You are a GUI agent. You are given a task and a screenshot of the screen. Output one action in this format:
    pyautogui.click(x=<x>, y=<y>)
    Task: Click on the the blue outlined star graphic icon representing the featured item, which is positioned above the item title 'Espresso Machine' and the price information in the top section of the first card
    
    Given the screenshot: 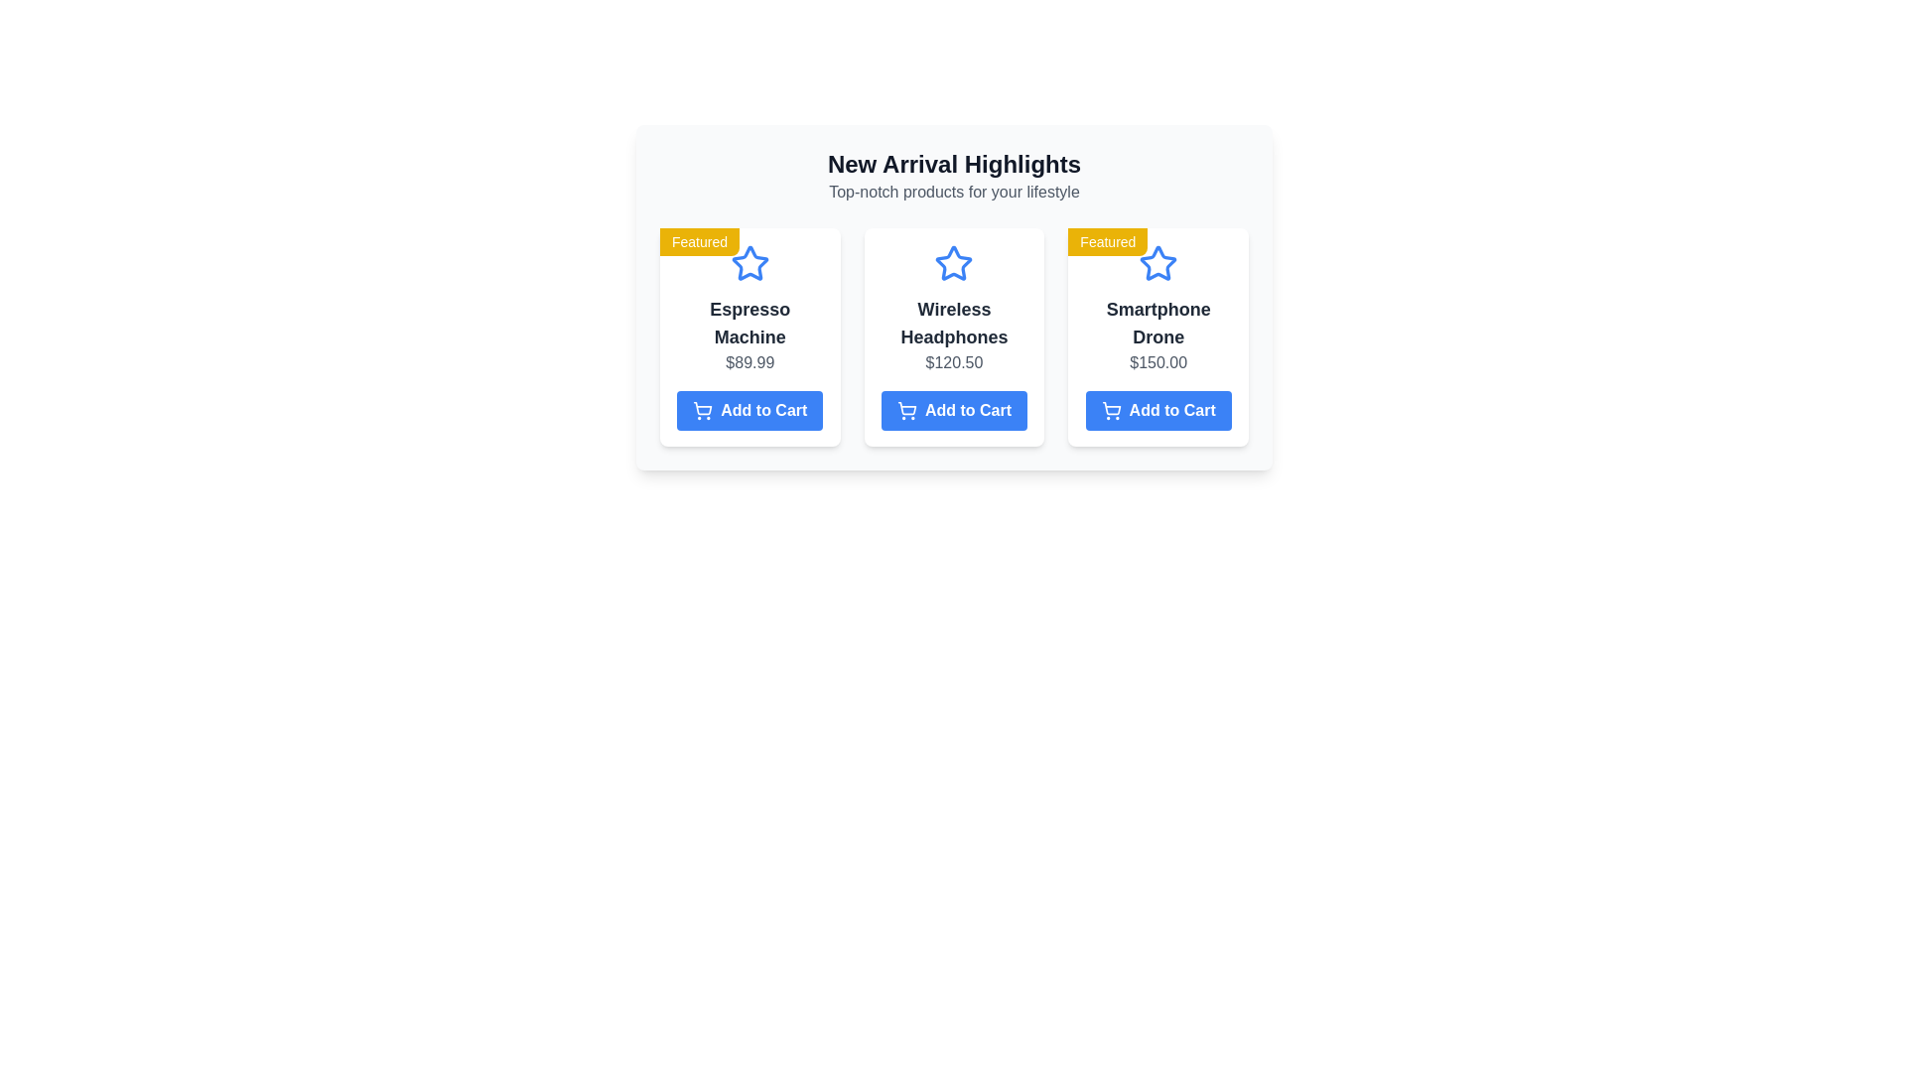 What is the action you would take?
    pyautogui.click(x=749, y=263)
    